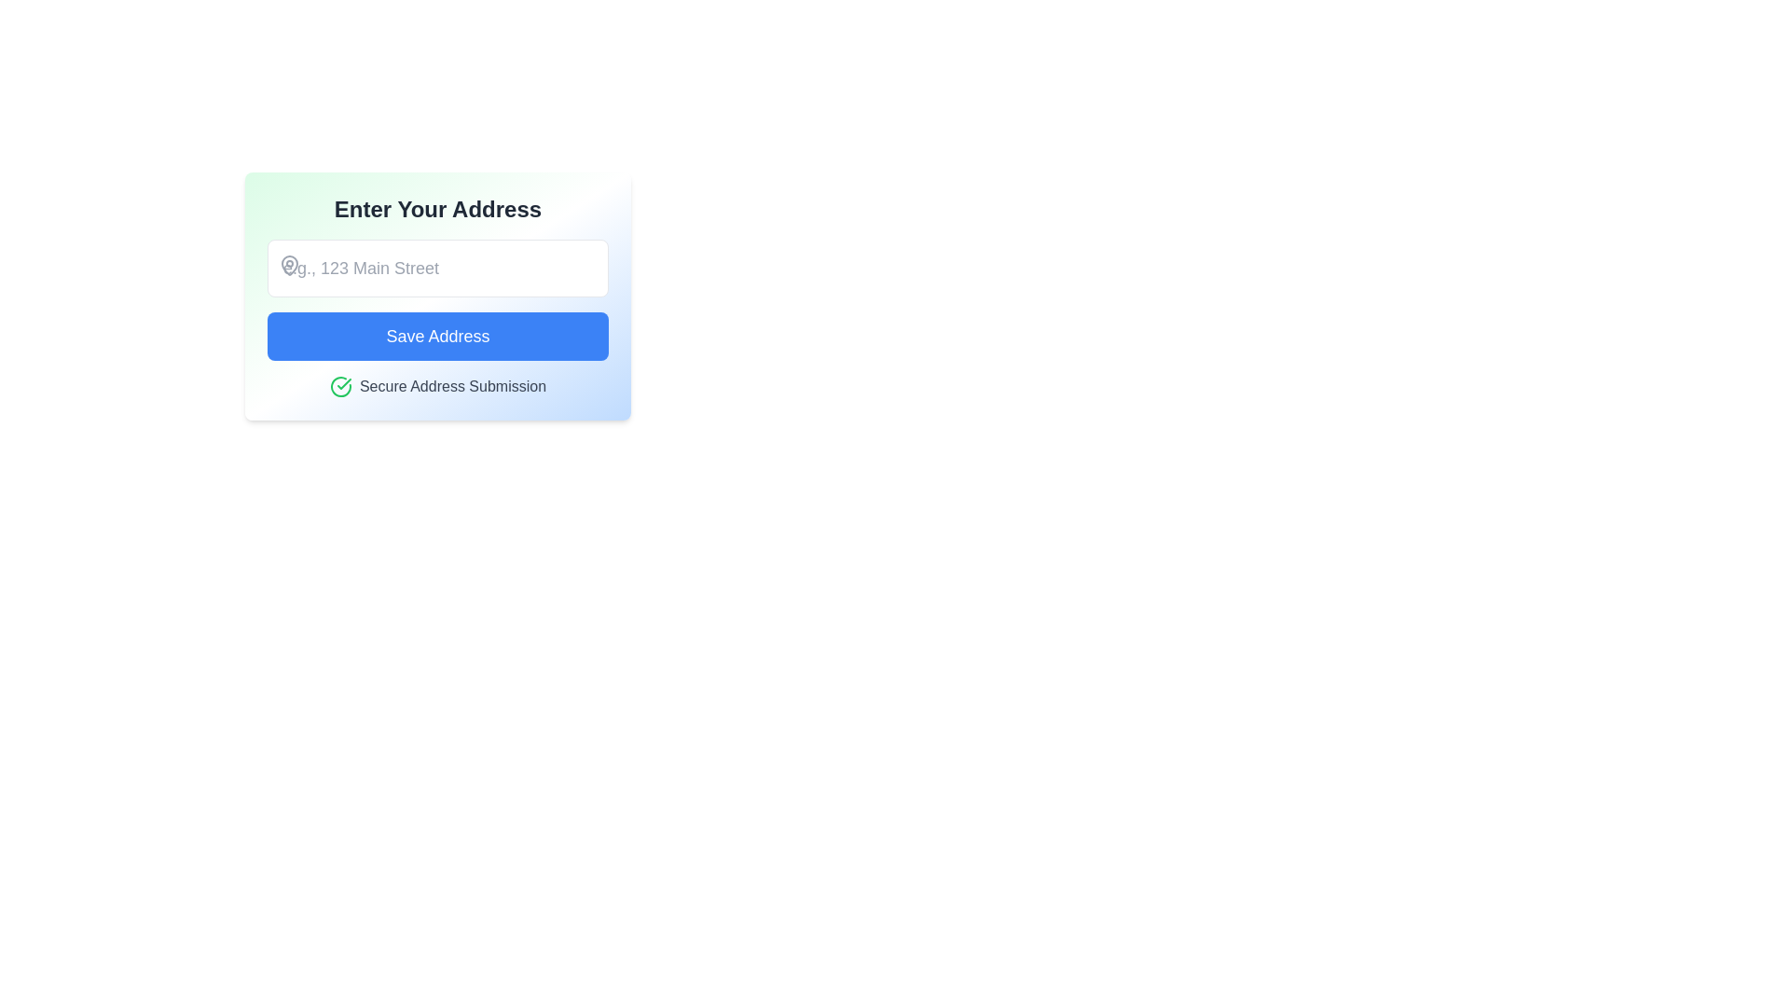 The image size is (1790, 1007). I want to click on the gray map pin SVG icon located to the left of the input field, which is above the 'Save Address' button, so click(289, 266).